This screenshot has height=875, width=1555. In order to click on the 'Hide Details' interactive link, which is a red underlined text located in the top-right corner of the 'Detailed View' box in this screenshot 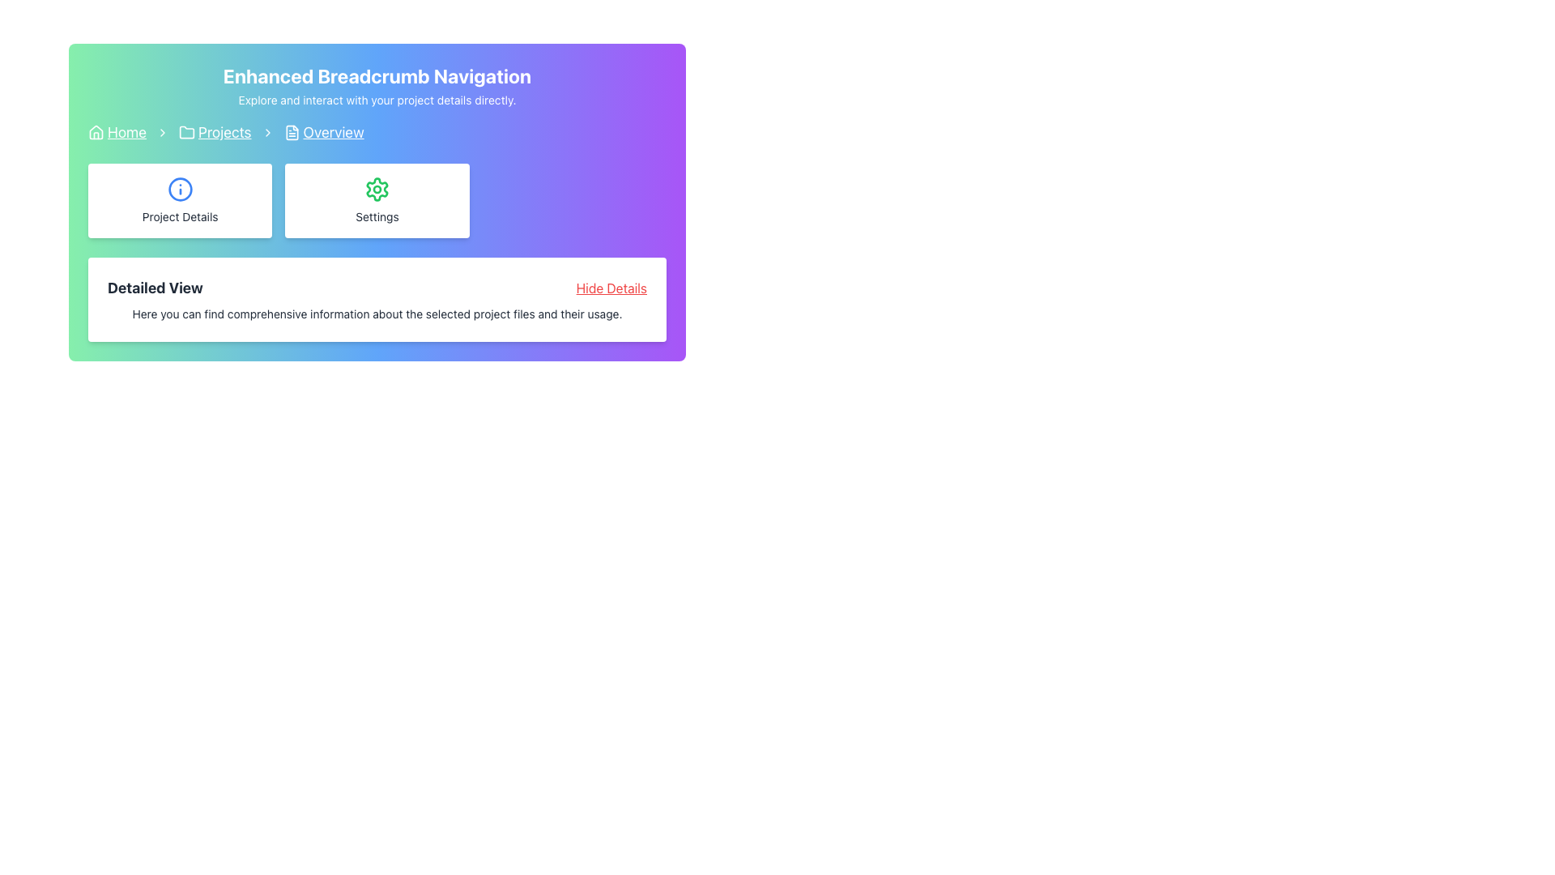, I will do `click(611, 287)`.